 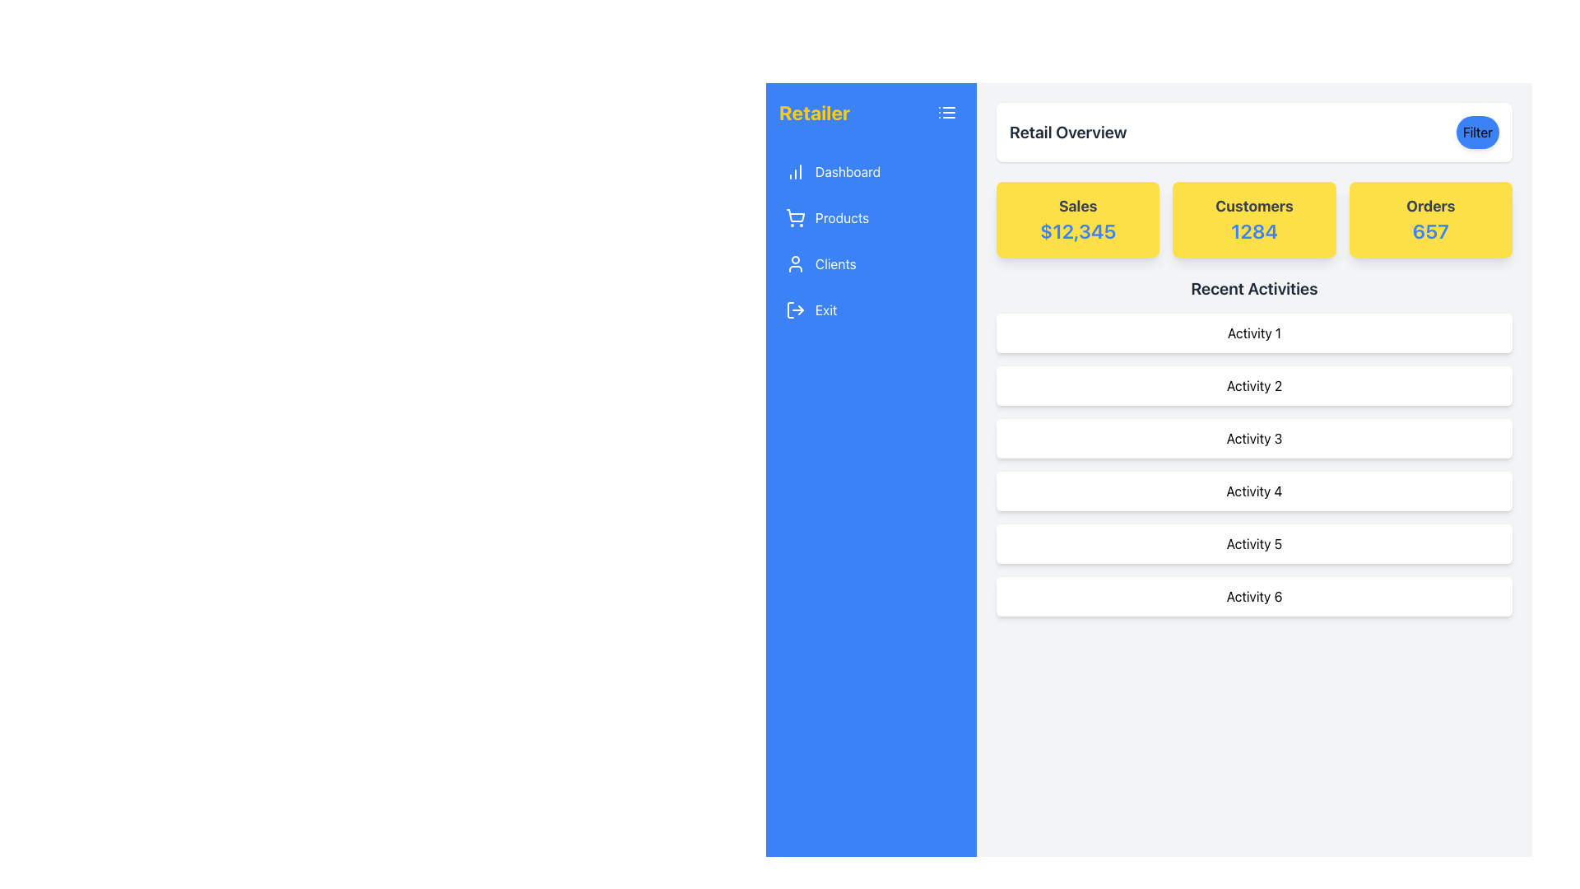 What do you see at coordinates (871, 241) in the screenshot?
I see `the 'Products' menu item in the blue sidebar panel` at bounding box center [871, 241].